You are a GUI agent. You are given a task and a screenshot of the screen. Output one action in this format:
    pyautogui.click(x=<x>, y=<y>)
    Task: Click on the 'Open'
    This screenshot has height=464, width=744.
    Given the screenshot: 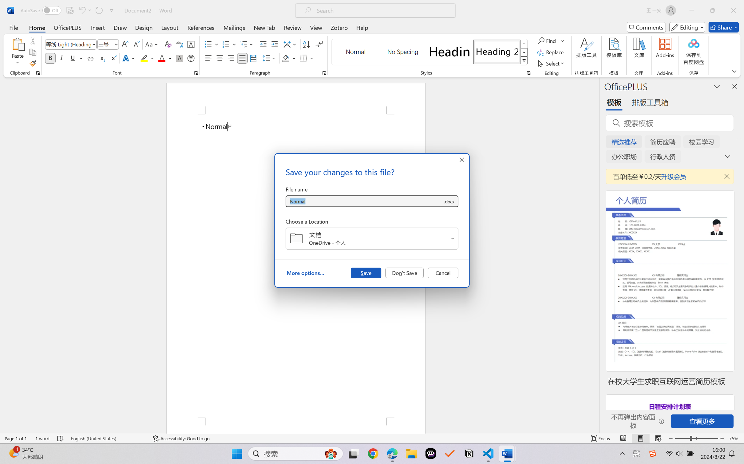 What is the action you would take?
    pyautogui.click(x=452, y=238)
    